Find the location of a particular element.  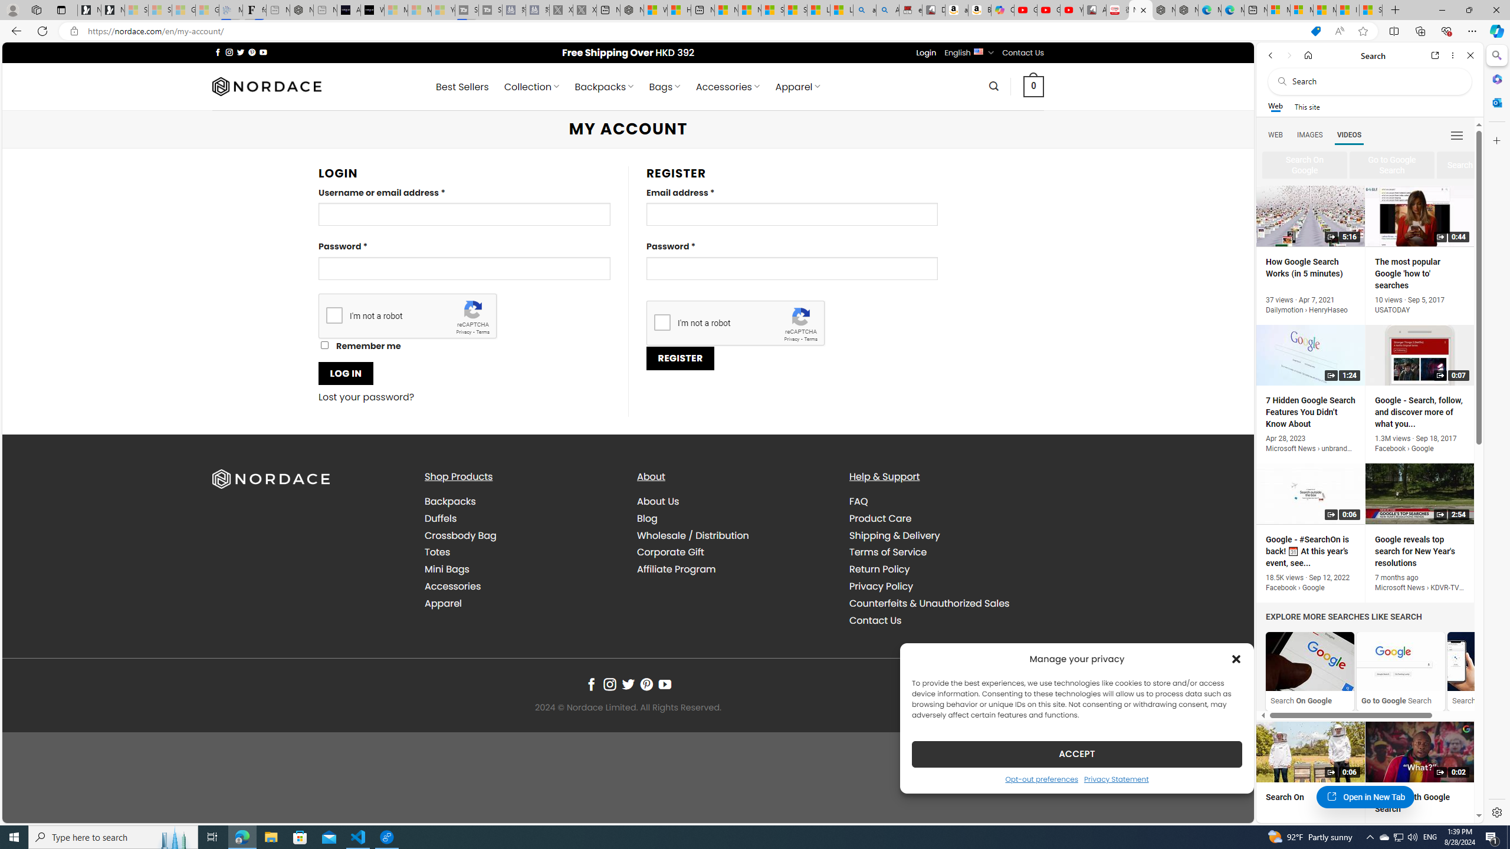

'Huge shark washes ashore at New York City beach | Watch' is located at coordinates (679, 9).